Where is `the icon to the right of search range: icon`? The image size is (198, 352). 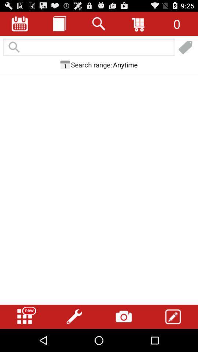
the icon to the right of search range: icon is located at coordinates (125, 64).